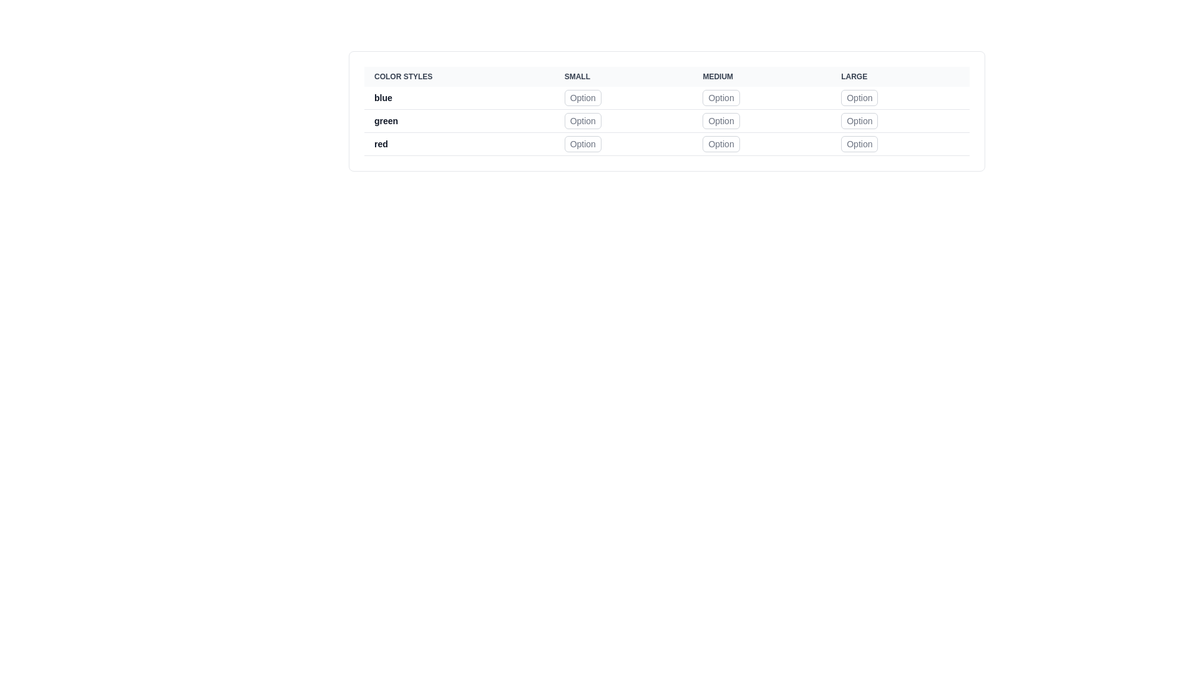 This screenshot has height=674, width=1198. Describe the element at coordinates (859, 144) in the screenshot. I see `the button representing the 'red' color and 'Large' size option located in the third row of the grid` at that location.